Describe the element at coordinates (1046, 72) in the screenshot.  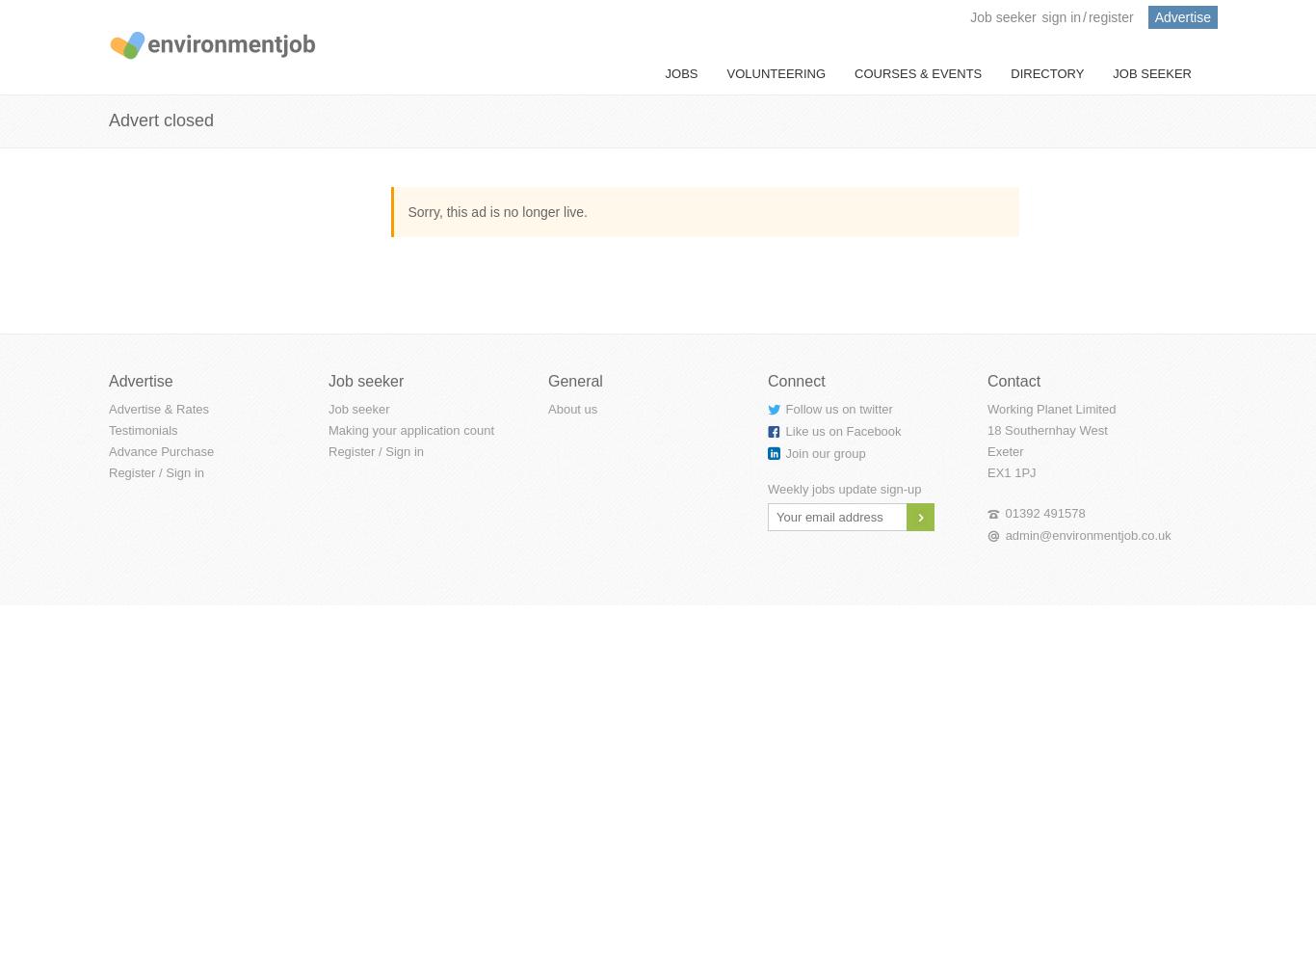
I see `'Directory'` at that location.